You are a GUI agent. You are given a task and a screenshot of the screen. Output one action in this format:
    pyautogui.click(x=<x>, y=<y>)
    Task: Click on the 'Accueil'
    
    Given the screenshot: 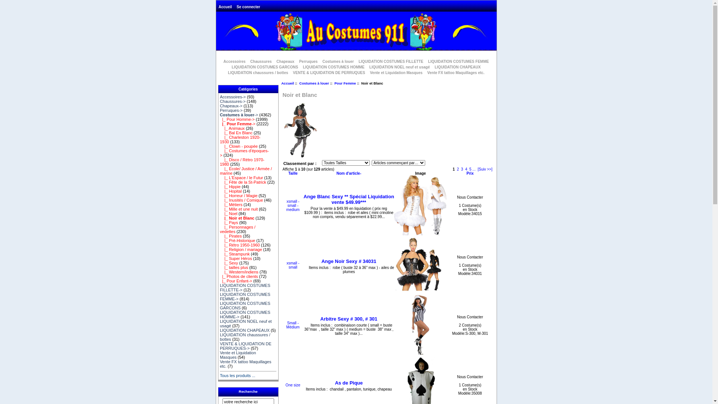 What is the action you would take?
    pyautogui.click(x=287, y=83)
    